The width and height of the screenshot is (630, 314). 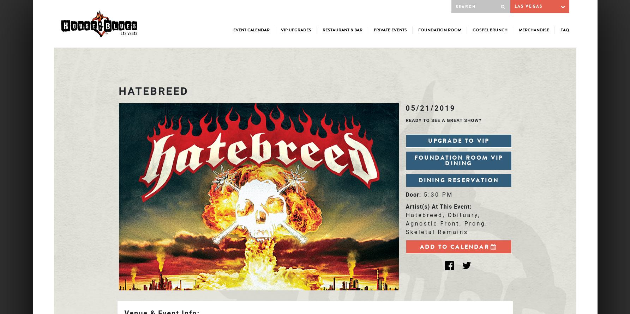 What do you see at coordinates (458, 141) in the screenshot?
I see `'Upgrade to VIP'` at bounding box center [458, 141].